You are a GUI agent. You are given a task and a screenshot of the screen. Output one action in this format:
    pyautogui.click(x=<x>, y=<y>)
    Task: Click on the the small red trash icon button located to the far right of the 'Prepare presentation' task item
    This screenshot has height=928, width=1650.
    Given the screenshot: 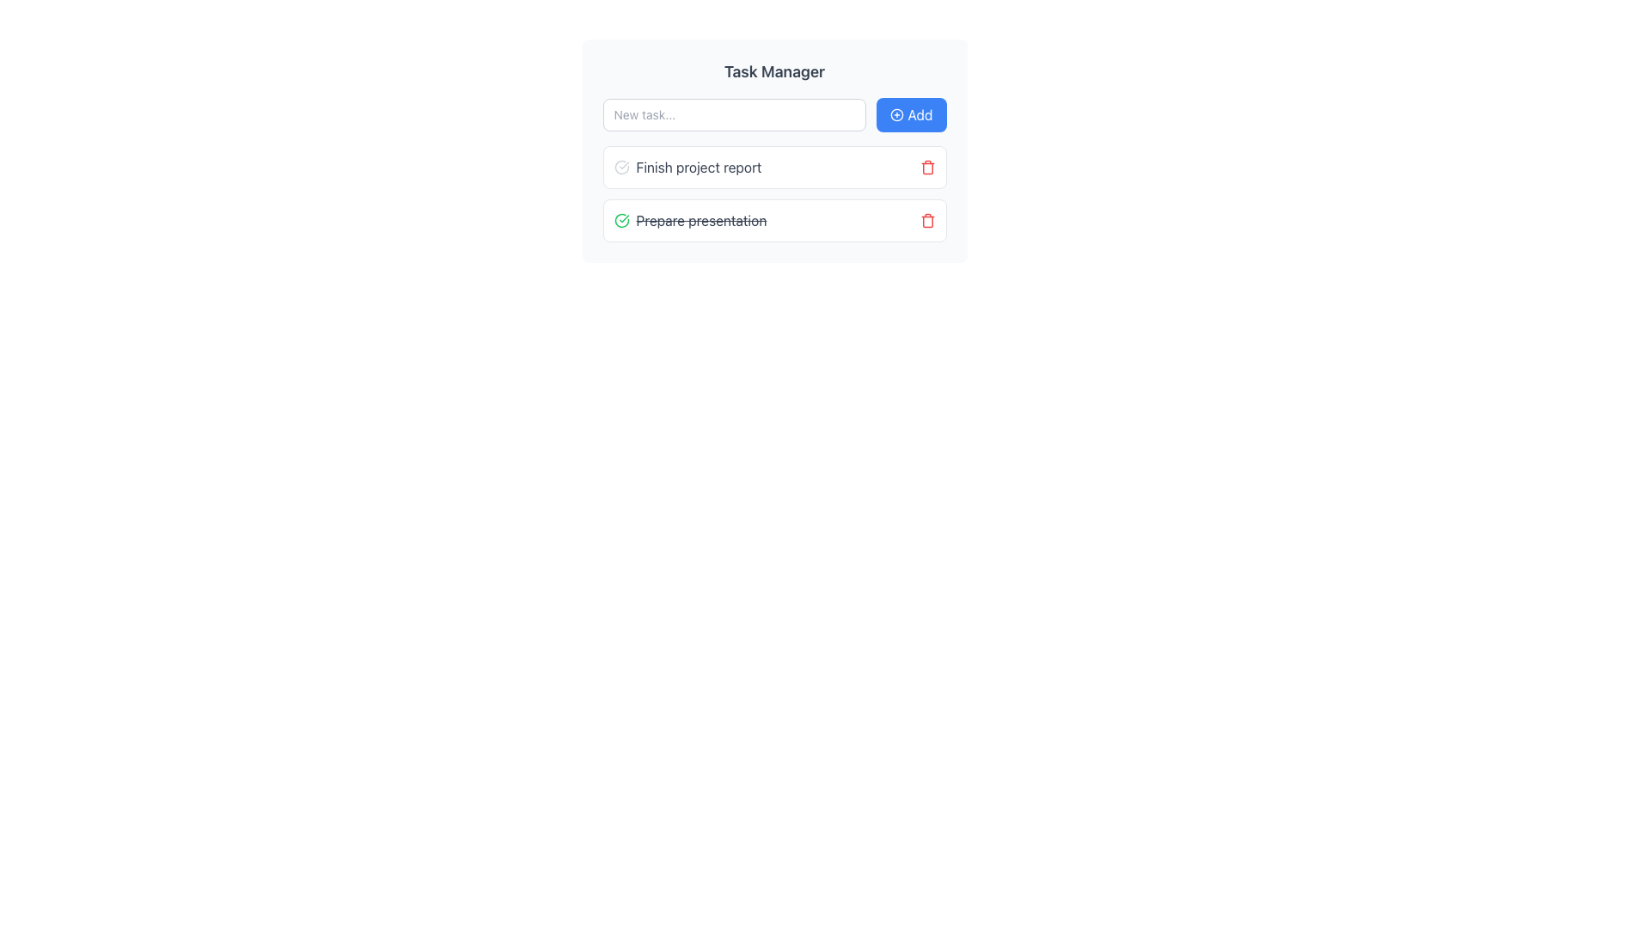 What is the action you would take?
    pyautogui.click(x=926, y=220)
    